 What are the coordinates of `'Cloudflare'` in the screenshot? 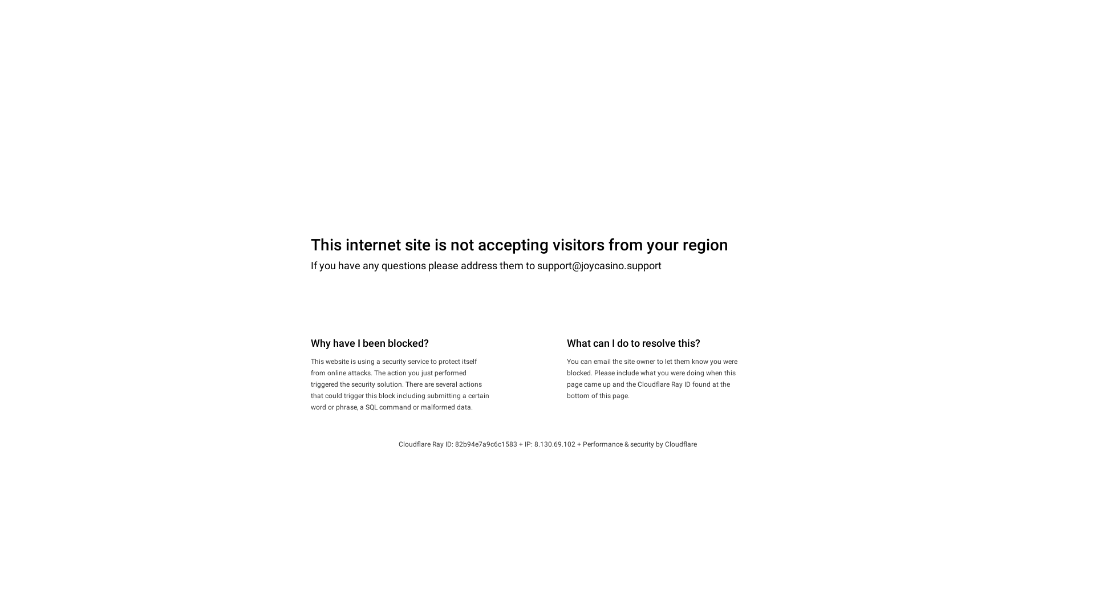 It's located at (681, 444).